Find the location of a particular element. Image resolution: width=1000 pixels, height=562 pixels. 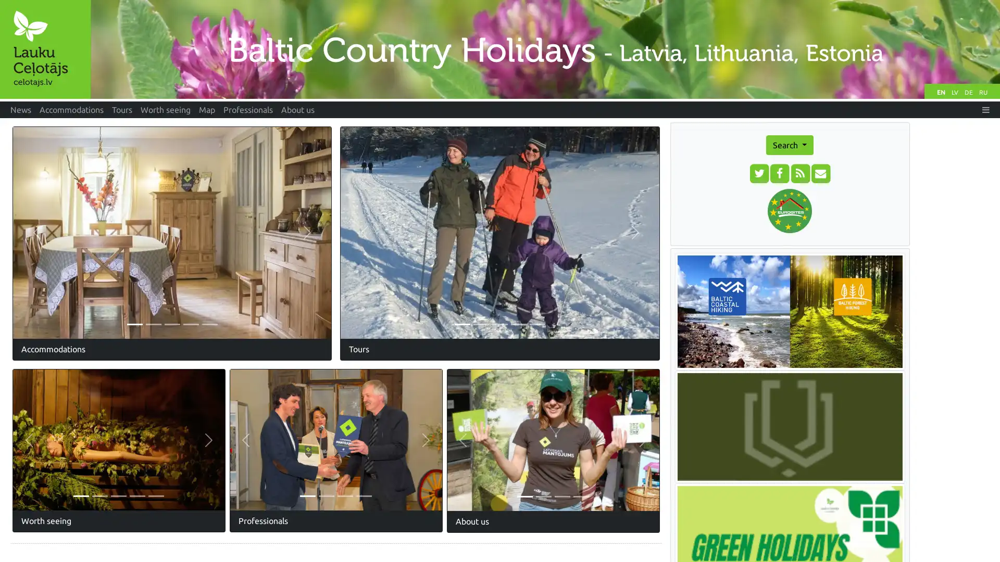

Previous is located at coordinates (365, 232).